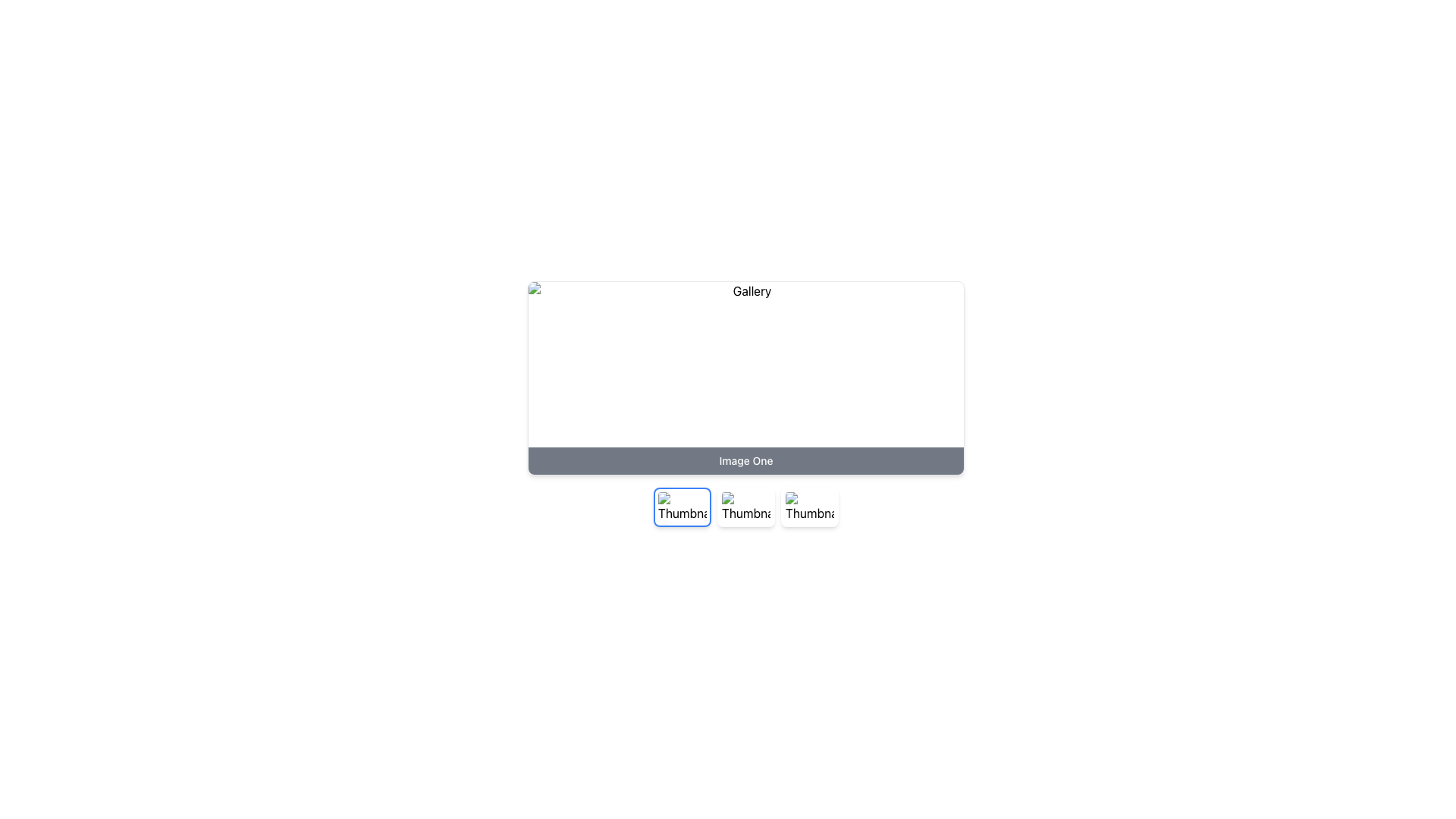 This screenshot has height=819, width=1456. I want to click on the second thumbnail image button with rounded corners to observe the hover effect that scales the component and intensifies its shadow, so click(745, 507).